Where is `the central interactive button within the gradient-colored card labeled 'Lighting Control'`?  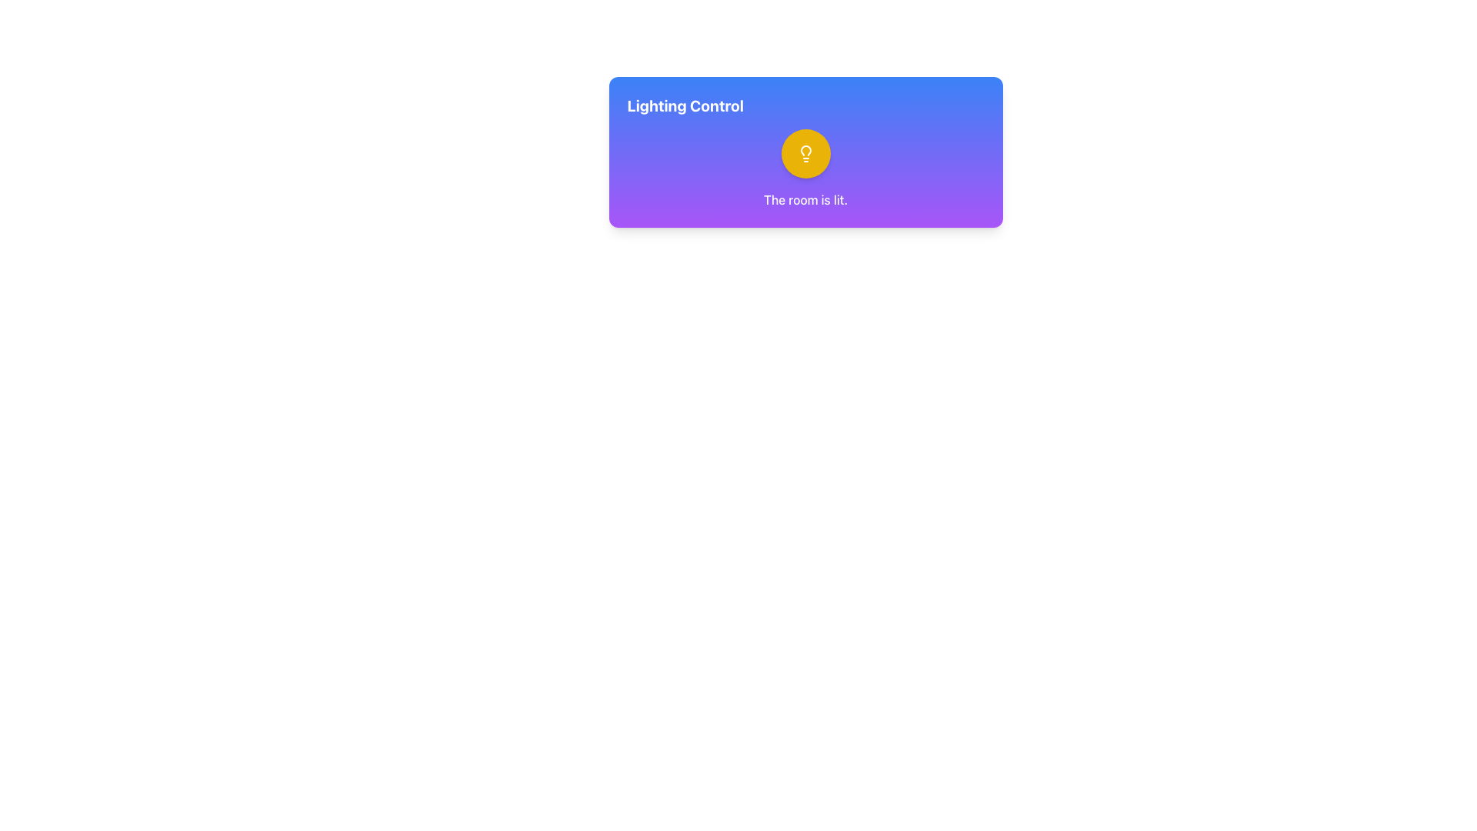
the central interactive button within the gradient-colored card labeled 'Lighting Control' is located at coordinates (805, 154).